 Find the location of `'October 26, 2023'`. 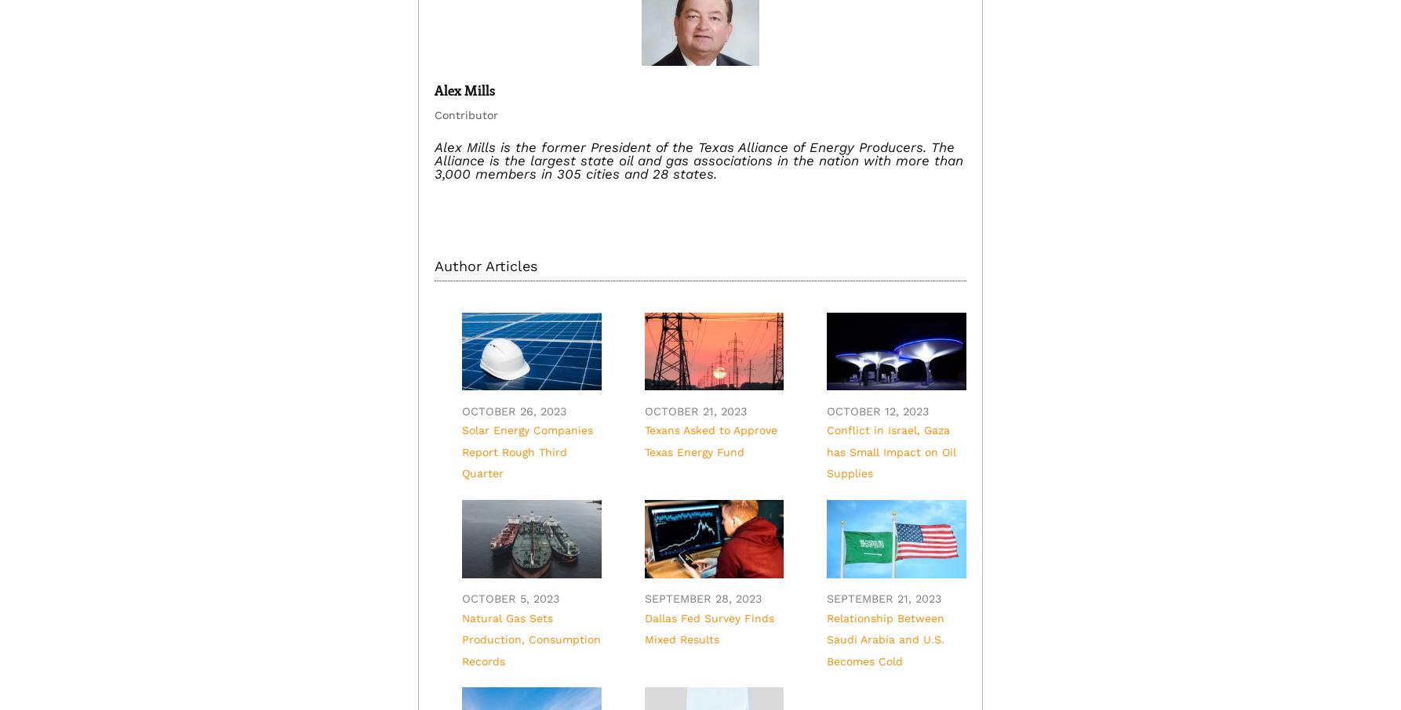

'October 26, 2023' is located at coordinates (513, 411).